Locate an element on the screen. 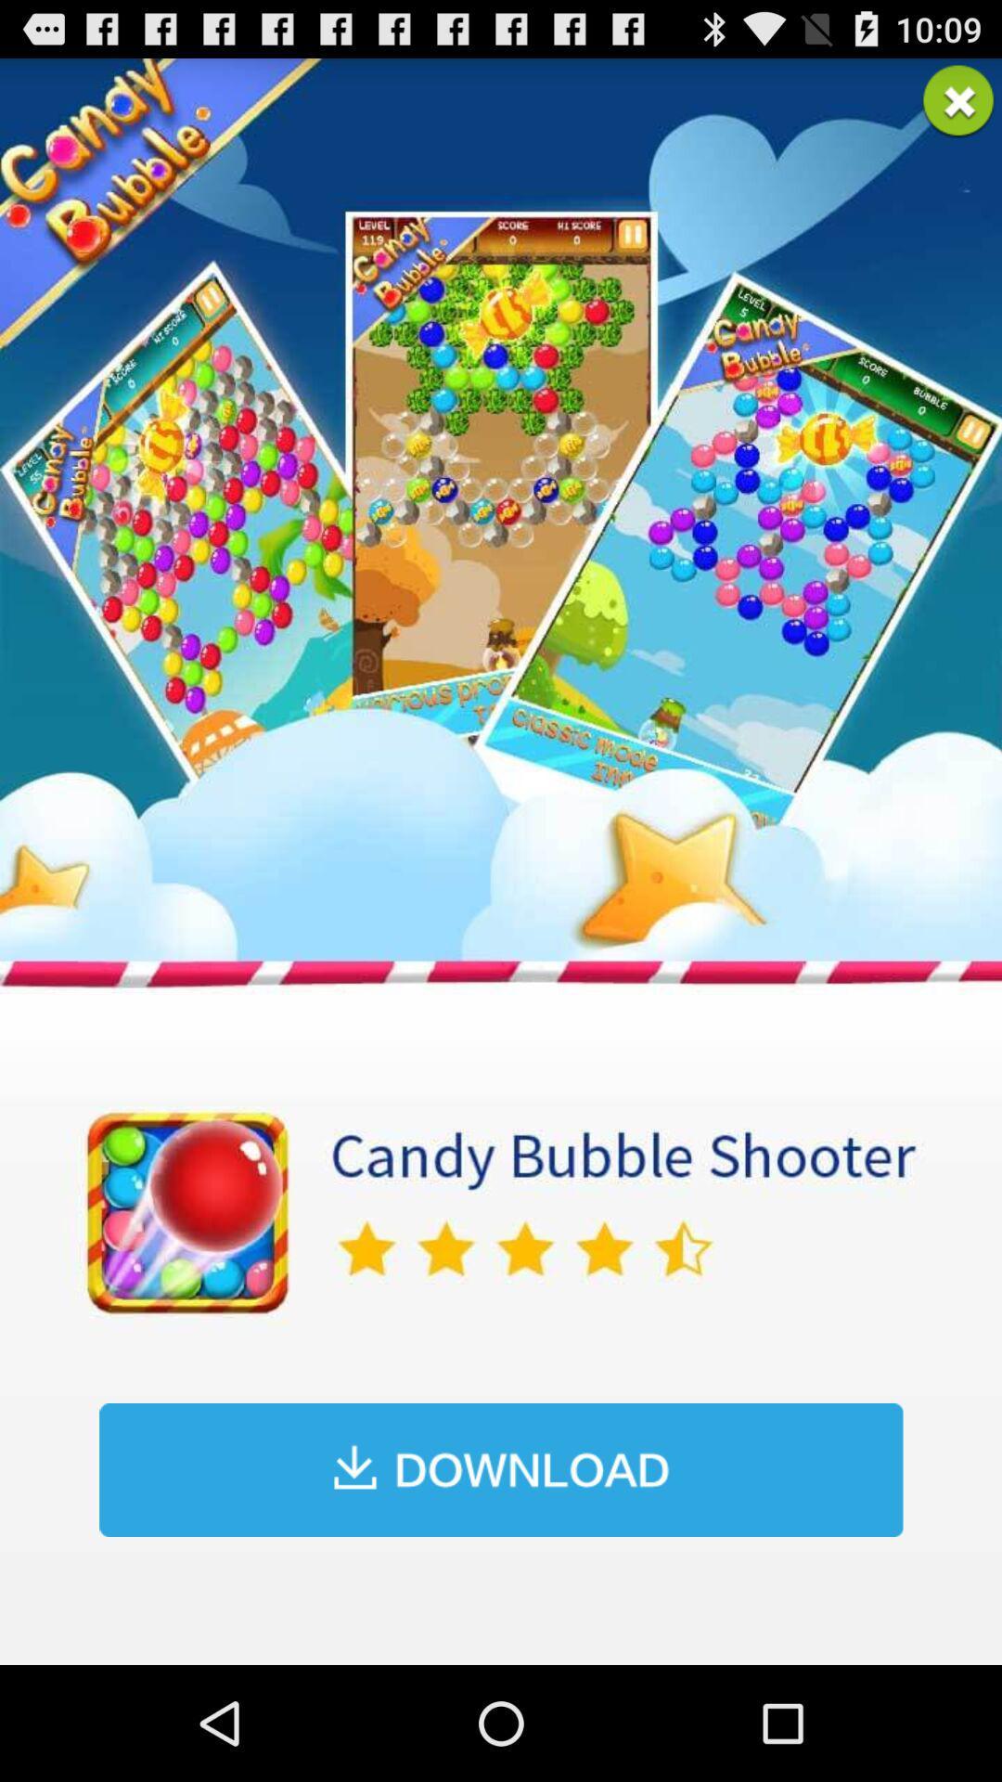 The width and height of the screenshot is (1002, 1782). advertisement is located at coordinates (958, 100).